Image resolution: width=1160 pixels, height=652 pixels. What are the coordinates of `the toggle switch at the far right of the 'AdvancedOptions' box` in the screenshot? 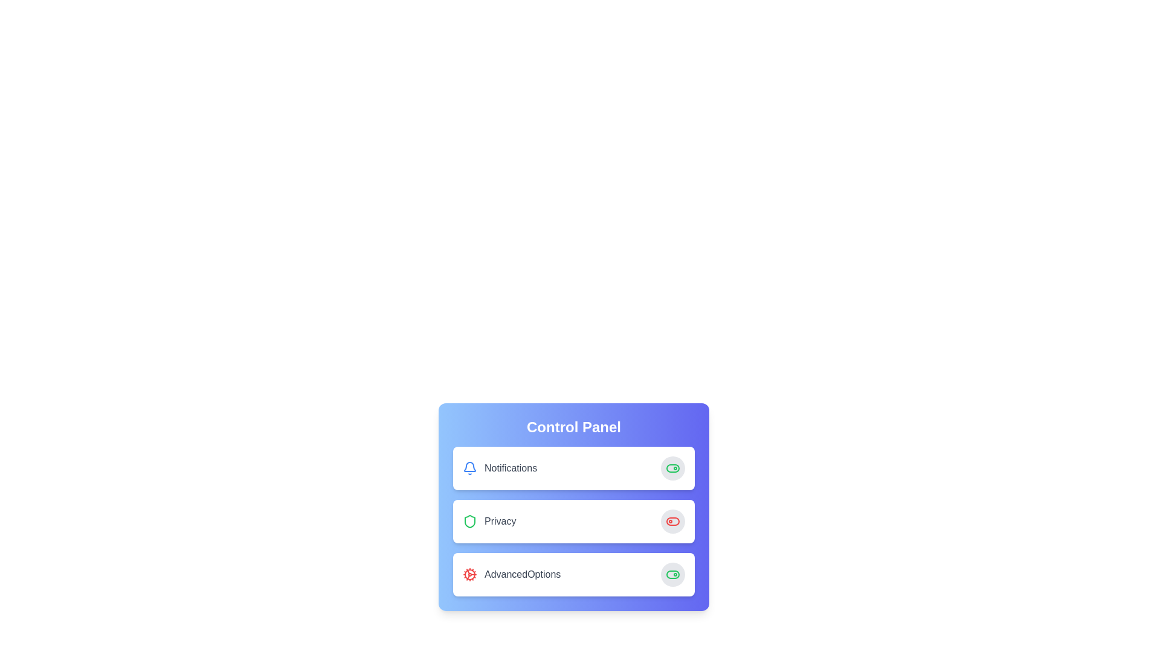 It's located at (672, 574).